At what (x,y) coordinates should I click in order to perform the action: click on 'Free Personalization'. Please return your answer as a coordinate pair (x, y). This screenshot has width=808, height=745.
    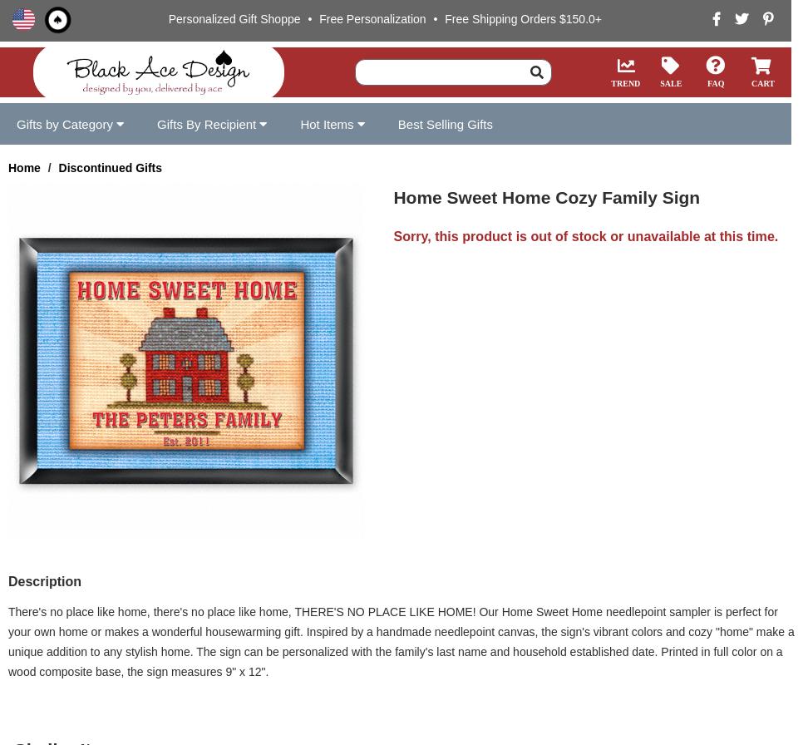
    Looking at the image, I should click on (371, 19).